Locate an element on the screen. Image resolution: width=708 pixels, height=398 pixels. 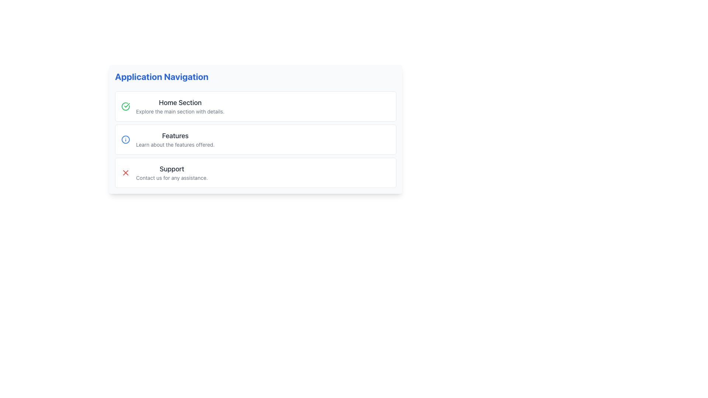
the 'Features' hyperlink which is styled as a medium-sized, bold, dark gray text link that turns blue on hover is located at coordinates (175, 136).